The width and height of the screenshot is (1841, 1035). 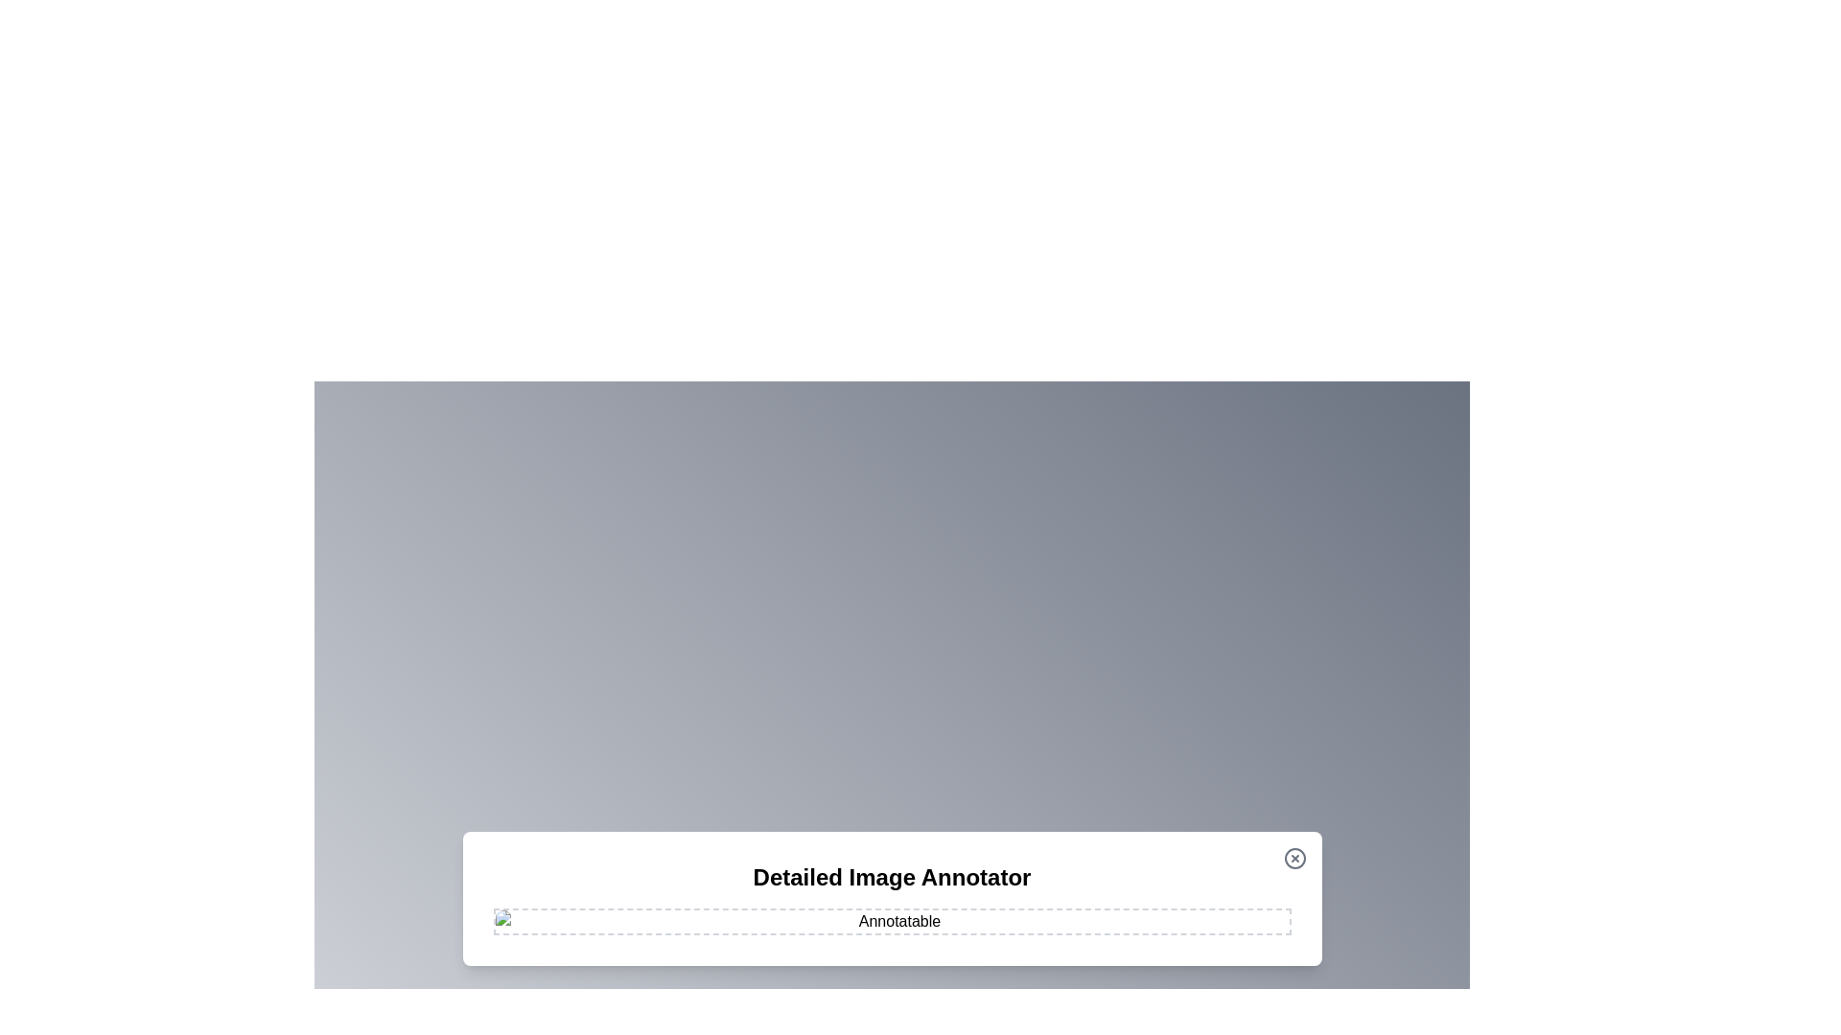 I want to click on the image at coordinates (1147, 962) to add an annotation, so click(x=1100, y=920).